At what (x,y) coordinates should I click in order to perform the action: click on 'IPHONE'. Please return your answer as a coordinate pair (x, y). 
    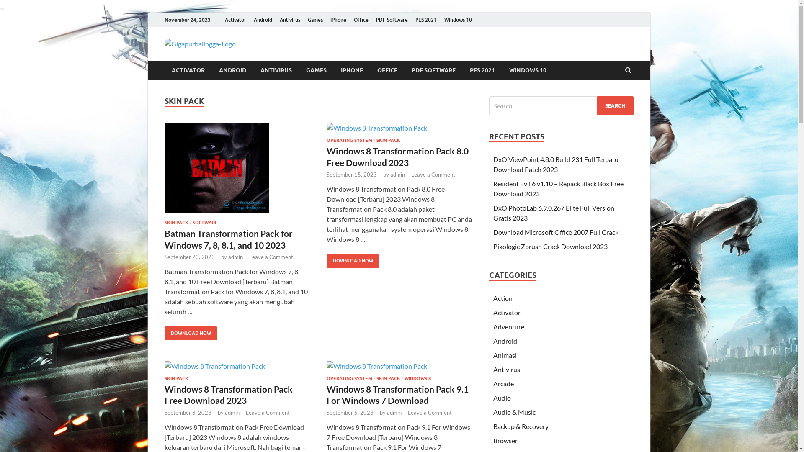
    Looking at the image, I should click on (351, 69).